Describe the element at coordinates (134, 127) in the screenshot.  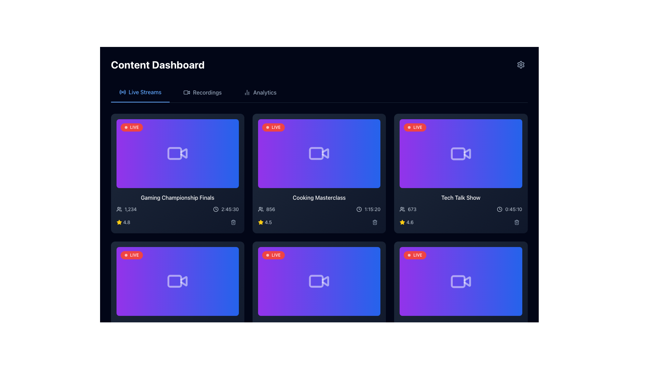
I see `the informational Text label indicating a live stream, located in the top-left corner of a card, next to a small animated white dot` at that location.